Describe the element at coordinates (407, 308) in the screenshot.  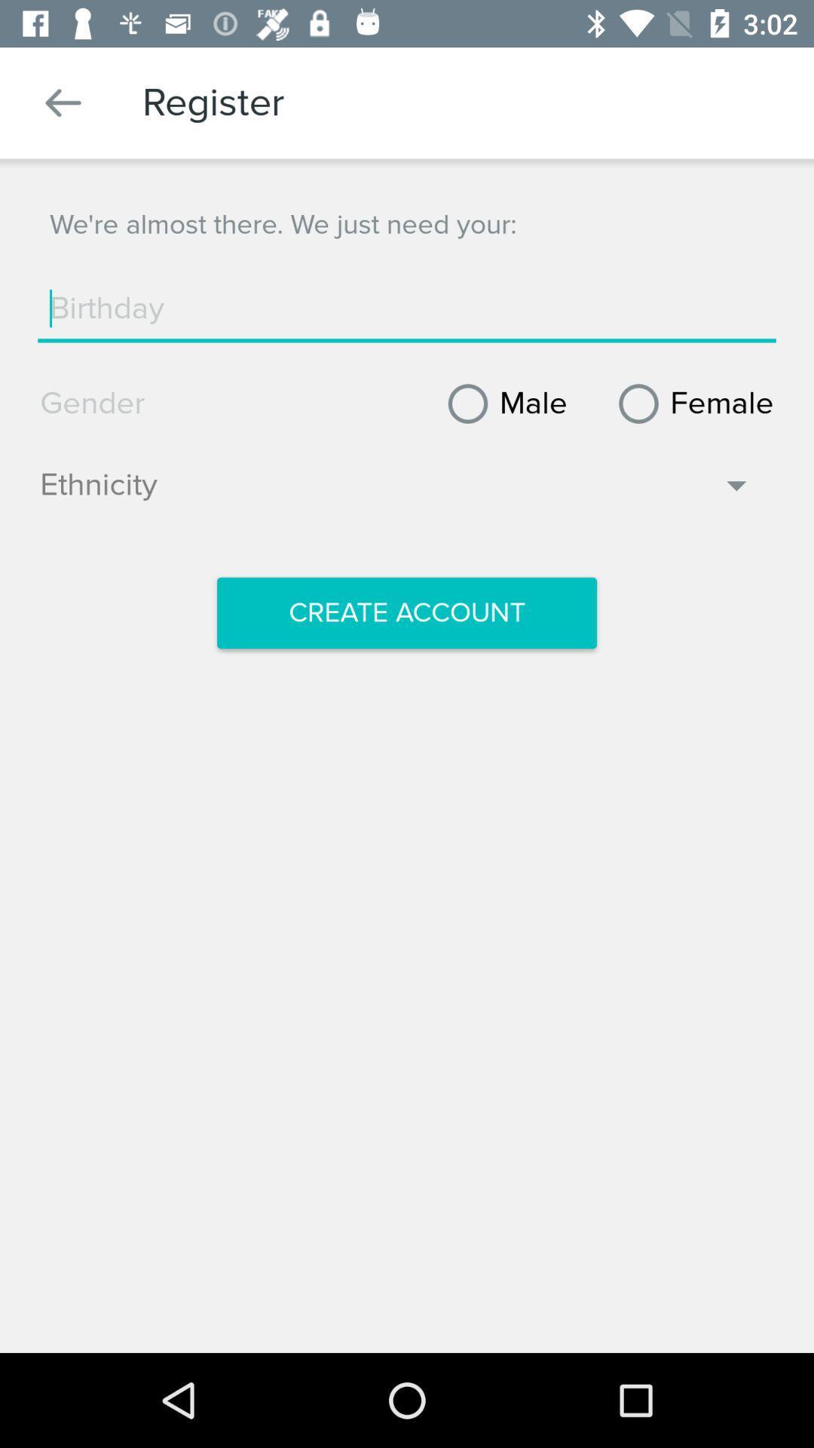
I see `icon above the male icon` at that location.